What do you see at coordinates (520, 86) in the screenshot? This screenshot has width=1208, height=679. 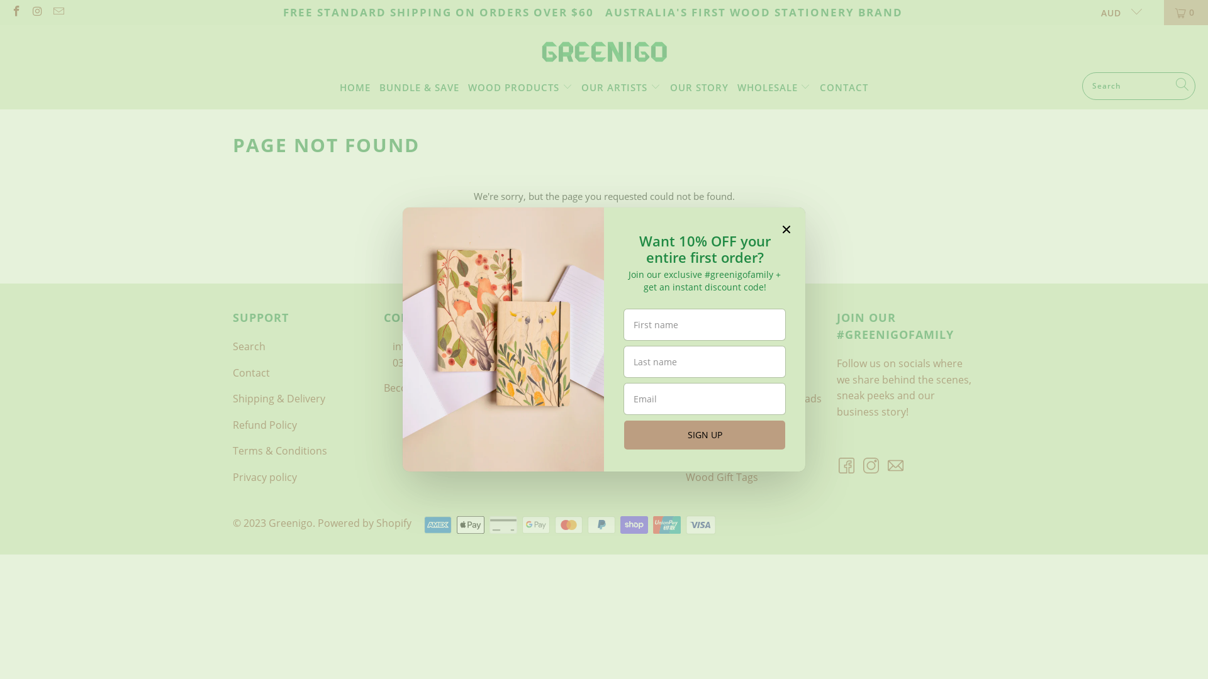 I see `'WOOD PRODUCTS'` at bounding box center [520, 86].